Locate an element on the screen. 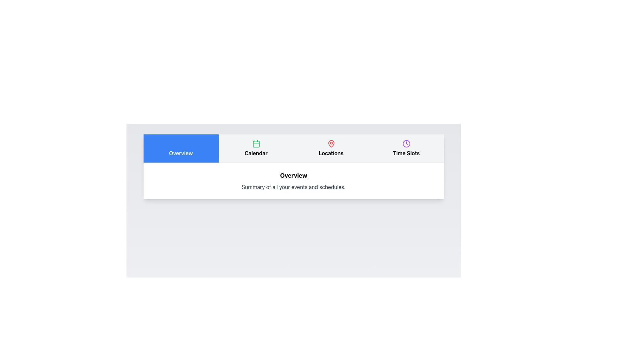 This screenshot has height=362, width=644. text label displaying 'Calendar' located below the green calendar icon in the horizontal navigation bar at the top center of the interface is located at coordinates (256, 153).